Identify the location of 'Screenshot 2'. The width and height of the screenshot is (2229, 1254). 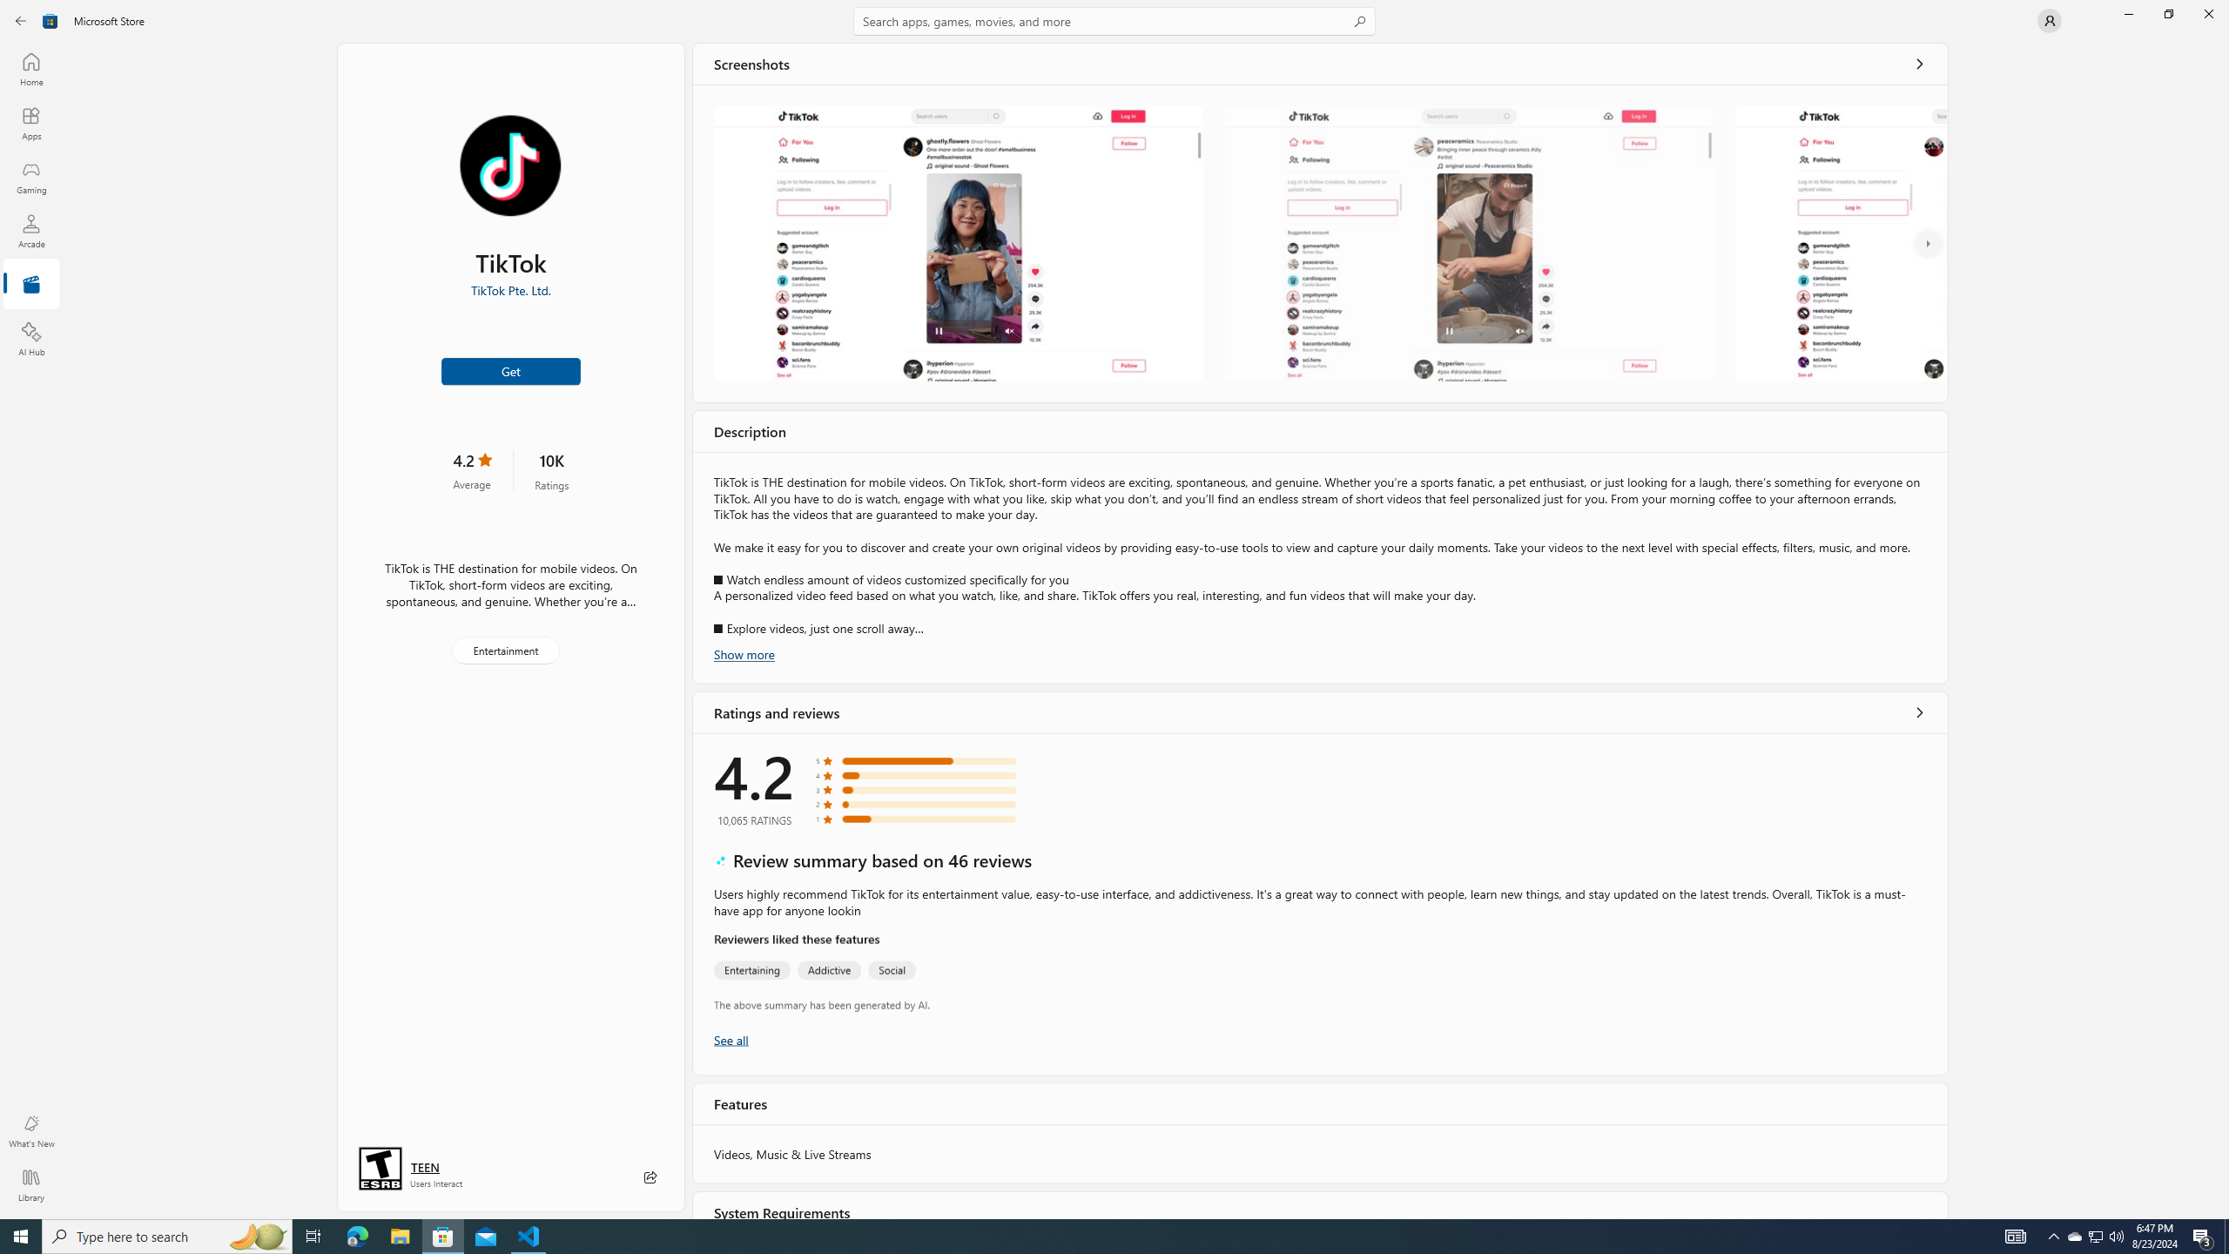
(1469, 243).